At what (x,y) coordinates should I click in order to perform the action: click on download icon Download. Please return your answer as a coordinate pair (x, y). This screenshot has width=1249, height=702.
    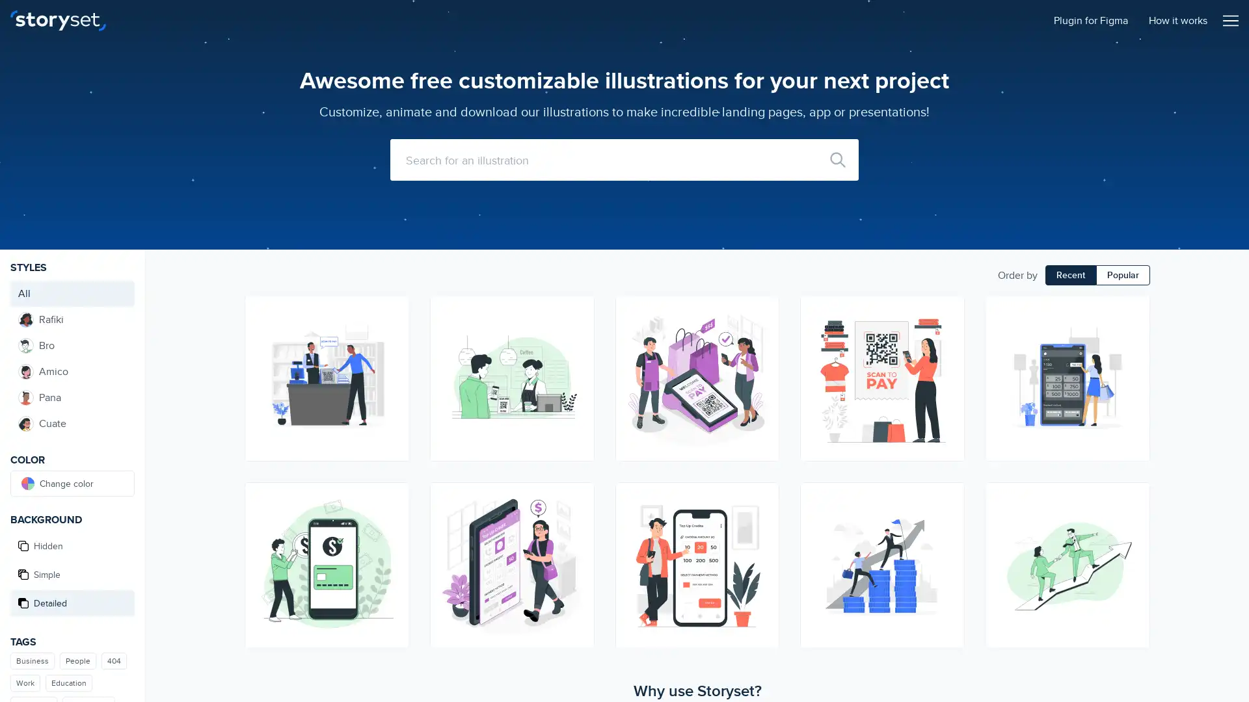
    Looking at the image, I should click on (948, 335).